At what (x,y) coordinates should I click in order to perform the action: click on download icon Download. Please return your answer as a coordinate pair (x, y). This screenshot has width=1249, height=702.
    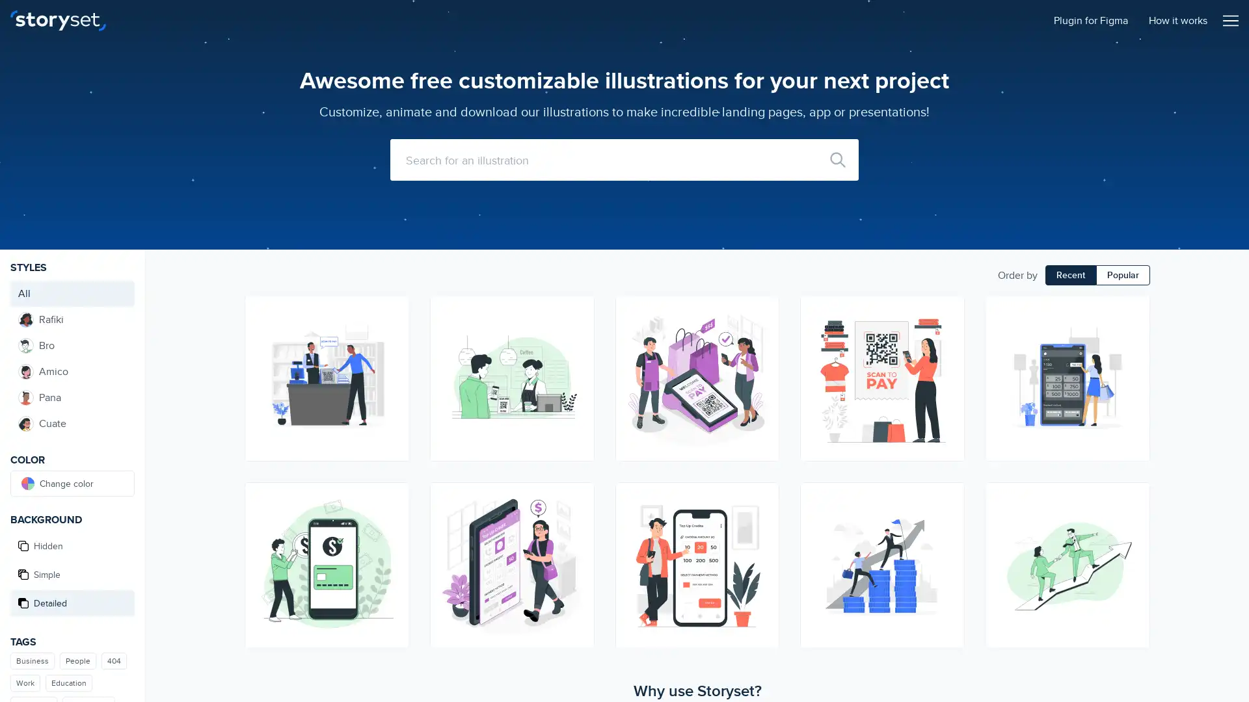
    Looking at the image, I should click on (948, 335).